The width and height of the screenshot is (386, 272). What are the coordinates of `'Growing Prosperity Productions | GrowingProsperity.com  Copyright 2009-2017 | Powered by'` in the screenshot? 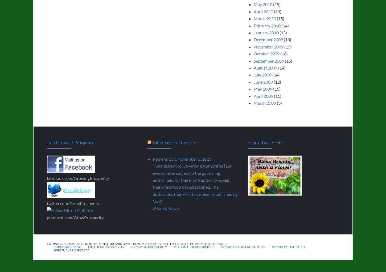 It's located at (129, 244).